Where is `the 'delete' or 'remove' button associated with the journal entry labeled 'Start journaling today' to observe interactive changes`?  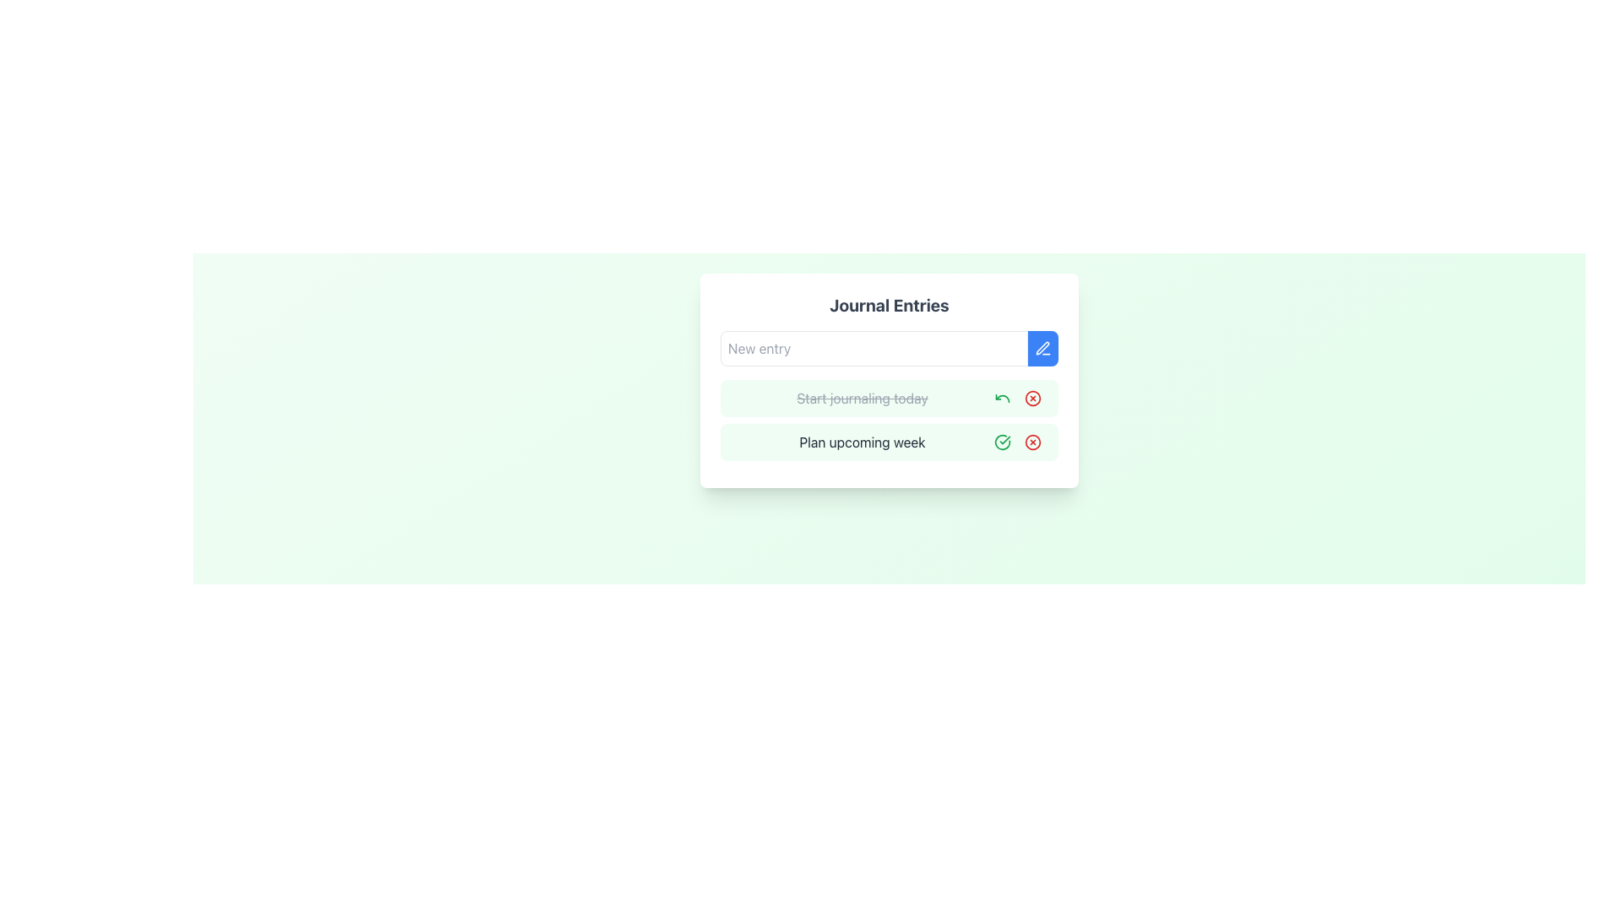 the 'delete' or 'remove' button associated with the journal entry labeled 'Start journaling today' to observe interactive changes is located at coordinates (1032, 398).